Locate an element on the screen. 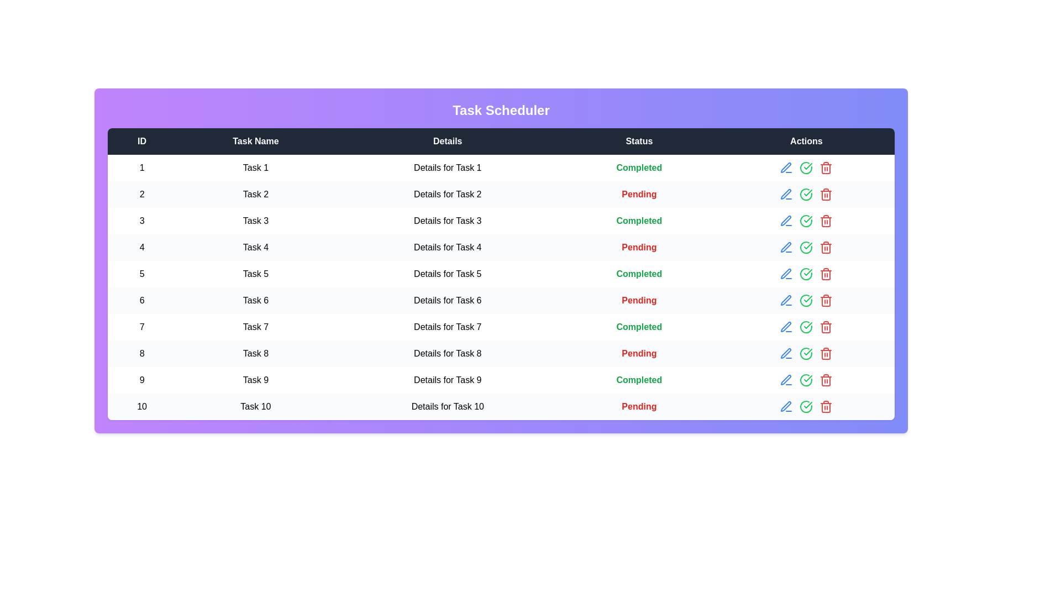  the column header ID to sort the tasks by that column is located at coordinates (141, 140).